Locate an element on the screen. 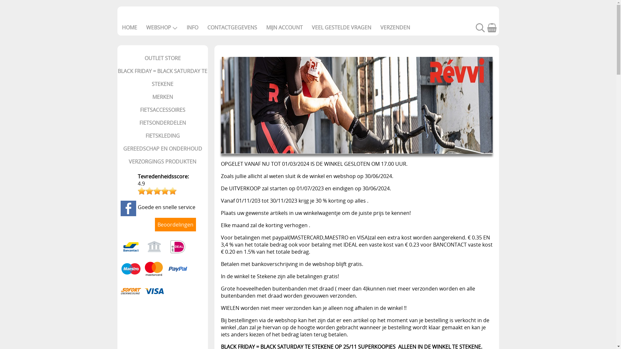 The image size is (621, 349). 'MIJN ACCOUNT' is located at coordinates (284, 27).